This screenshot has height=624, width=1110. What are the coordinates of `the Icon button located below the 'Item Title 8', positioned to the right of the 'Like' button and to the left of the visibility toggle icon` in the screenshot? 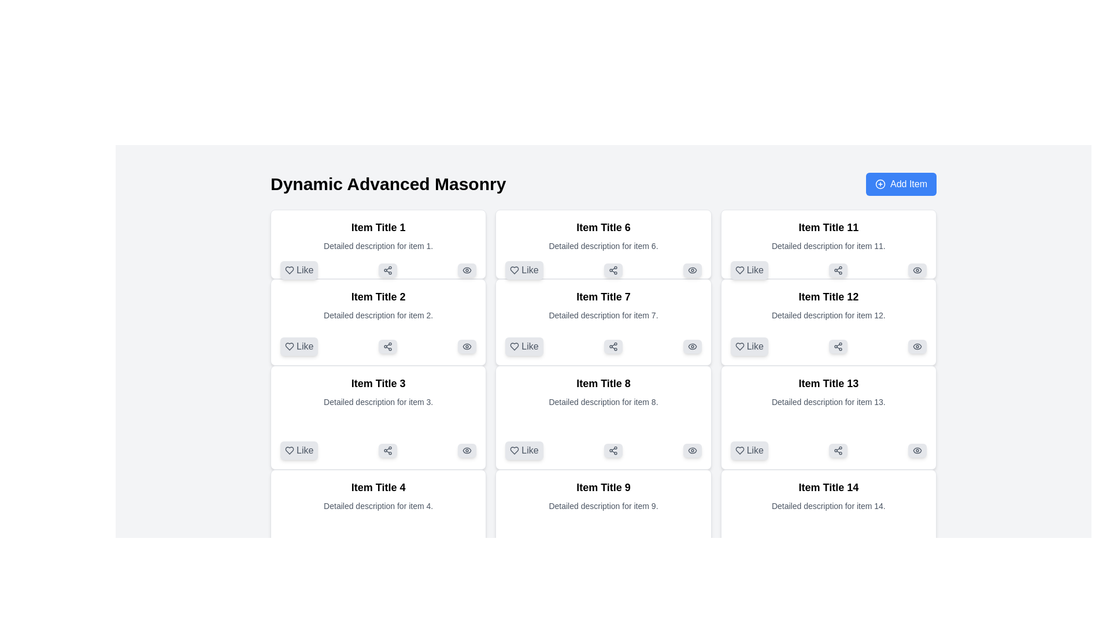 It's located at (612, 450).